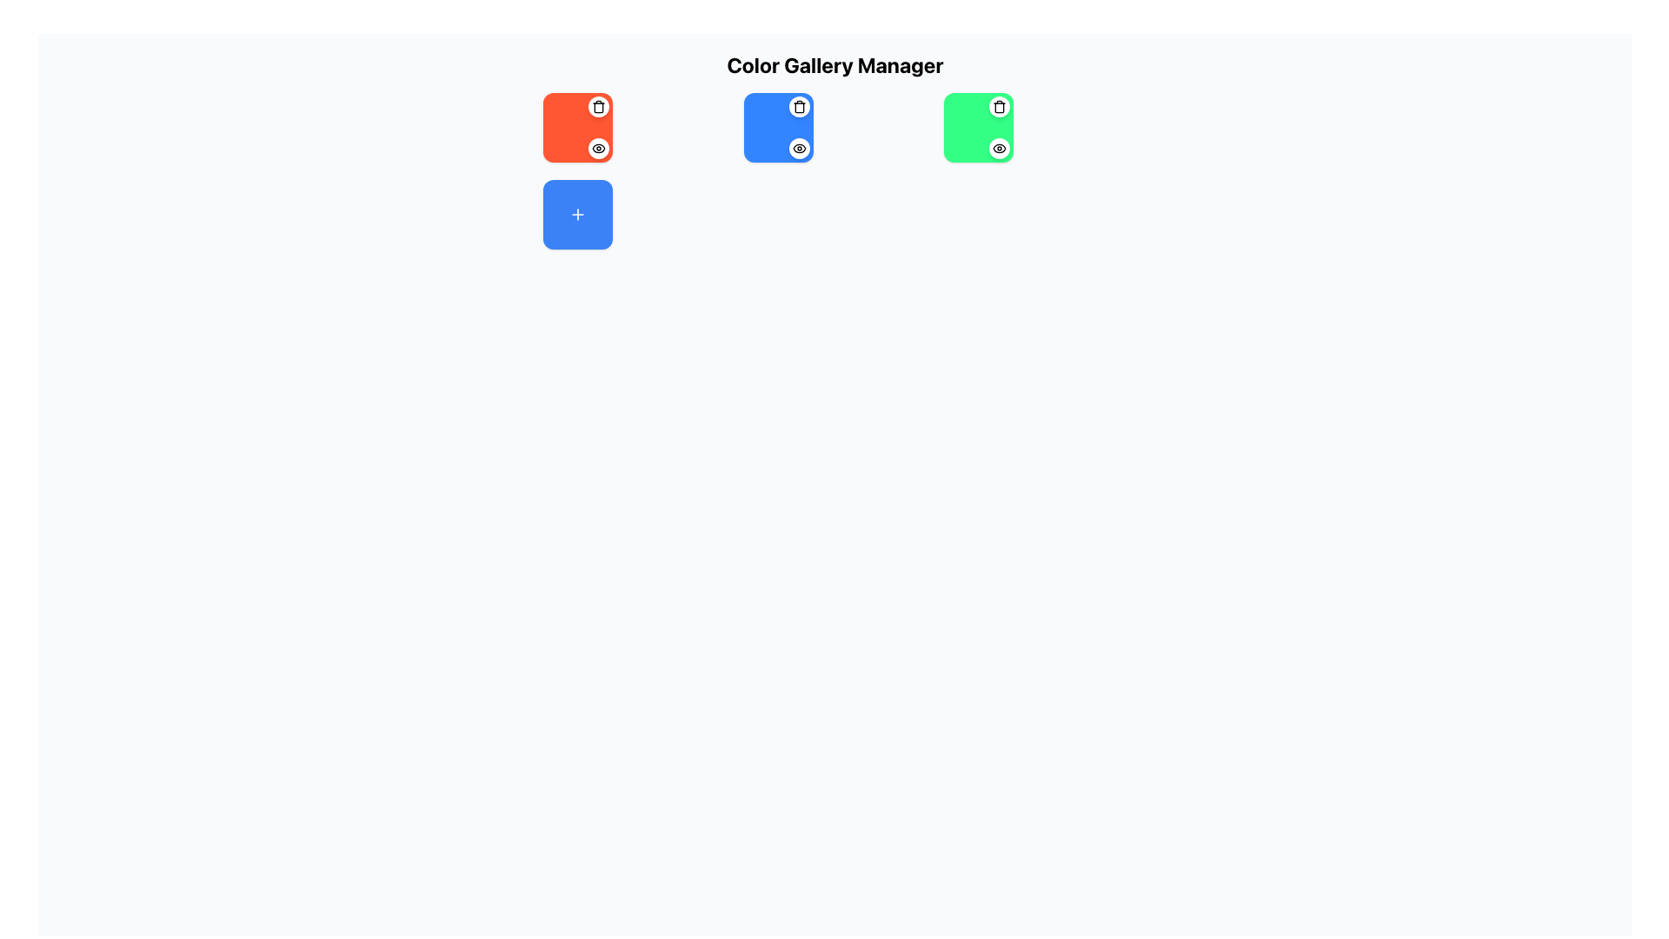  Describe the element at coordinates (798, 147) in the screenshot. I see `the visibility toggle icon located in the bottom-right corner of the blue square card` at that location.